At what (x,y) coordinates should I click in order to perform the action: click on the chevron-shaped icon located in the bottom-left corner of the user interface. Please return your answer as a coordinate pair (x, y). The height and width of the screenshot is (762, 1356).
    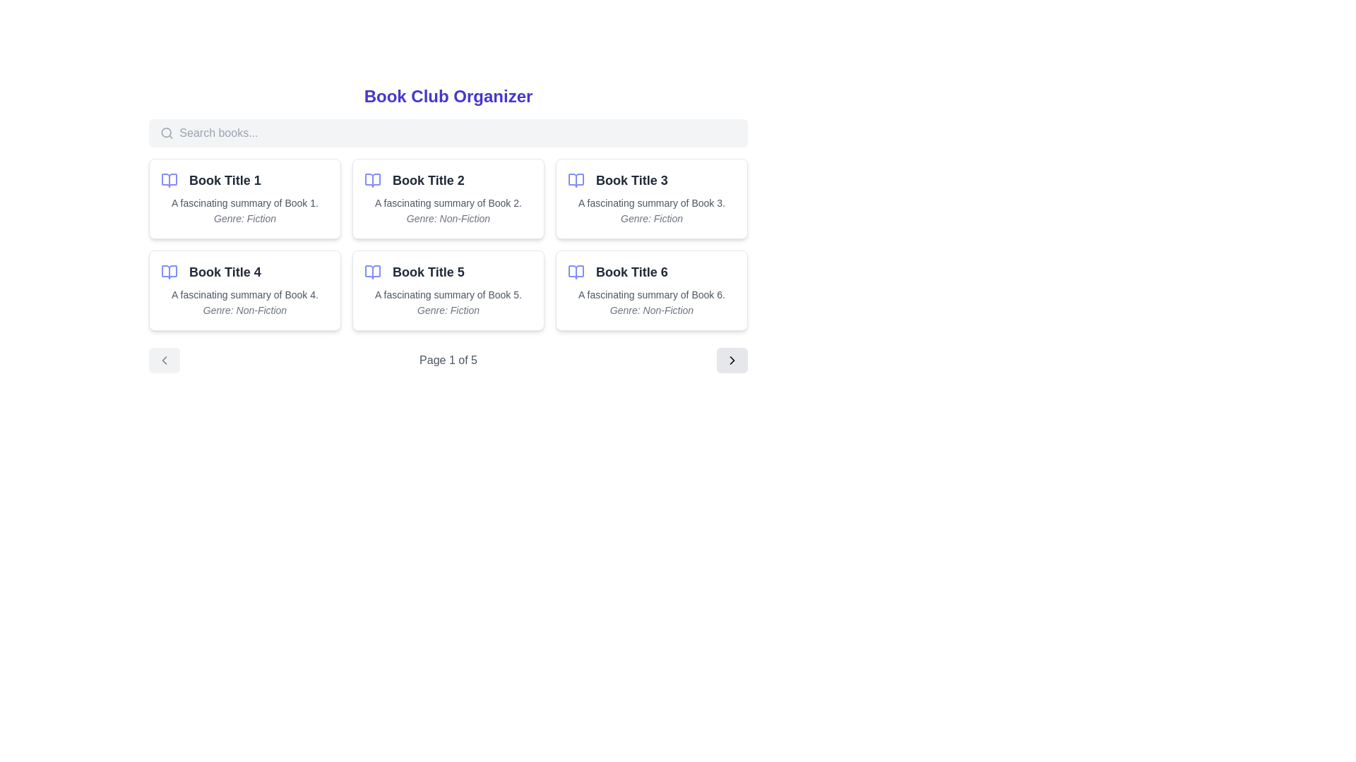
    Looking at the image, I should click on (165, 359).